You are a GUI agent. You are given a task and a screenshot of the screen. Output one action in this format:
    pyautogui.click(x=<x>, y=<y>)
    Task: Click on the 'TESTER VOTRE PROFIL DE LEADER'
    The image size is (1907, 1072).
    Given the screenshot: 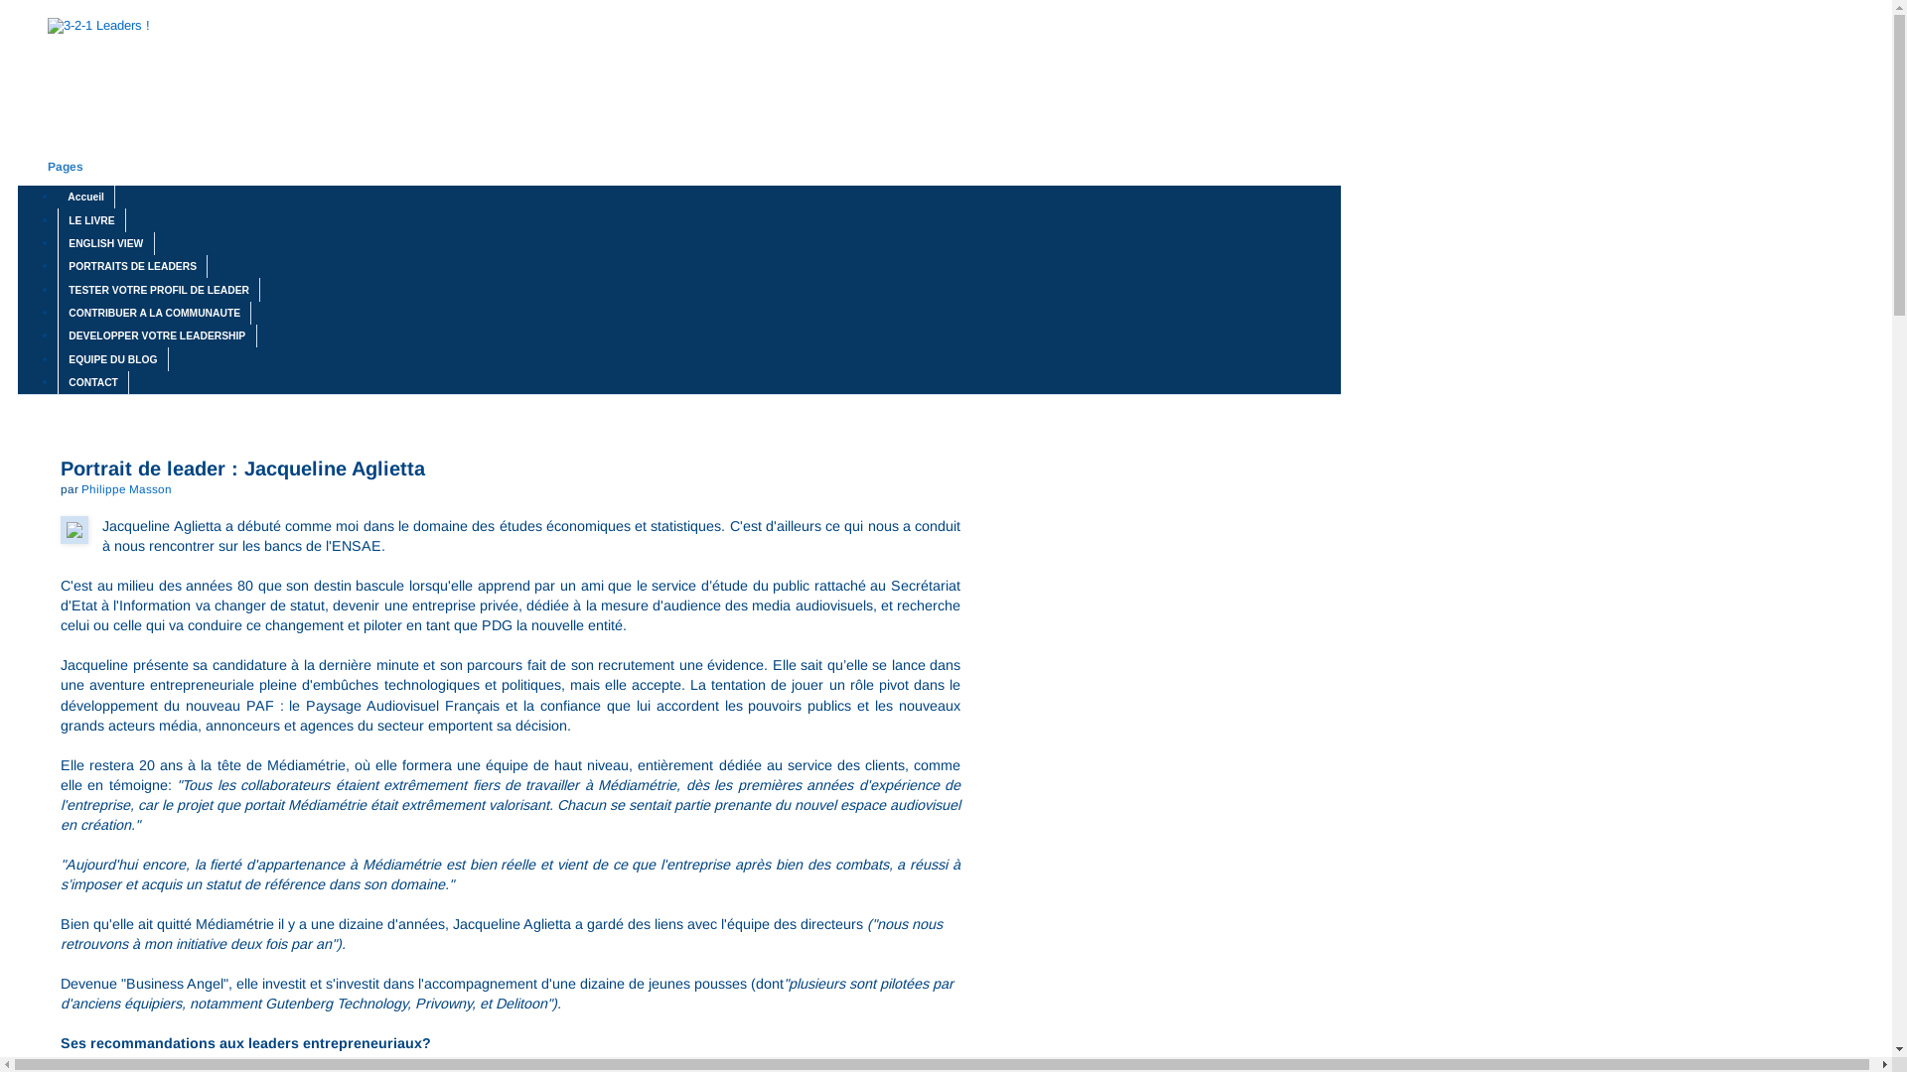 What is the action you would take?
    pyautogui.click(x=157, y=289)
    